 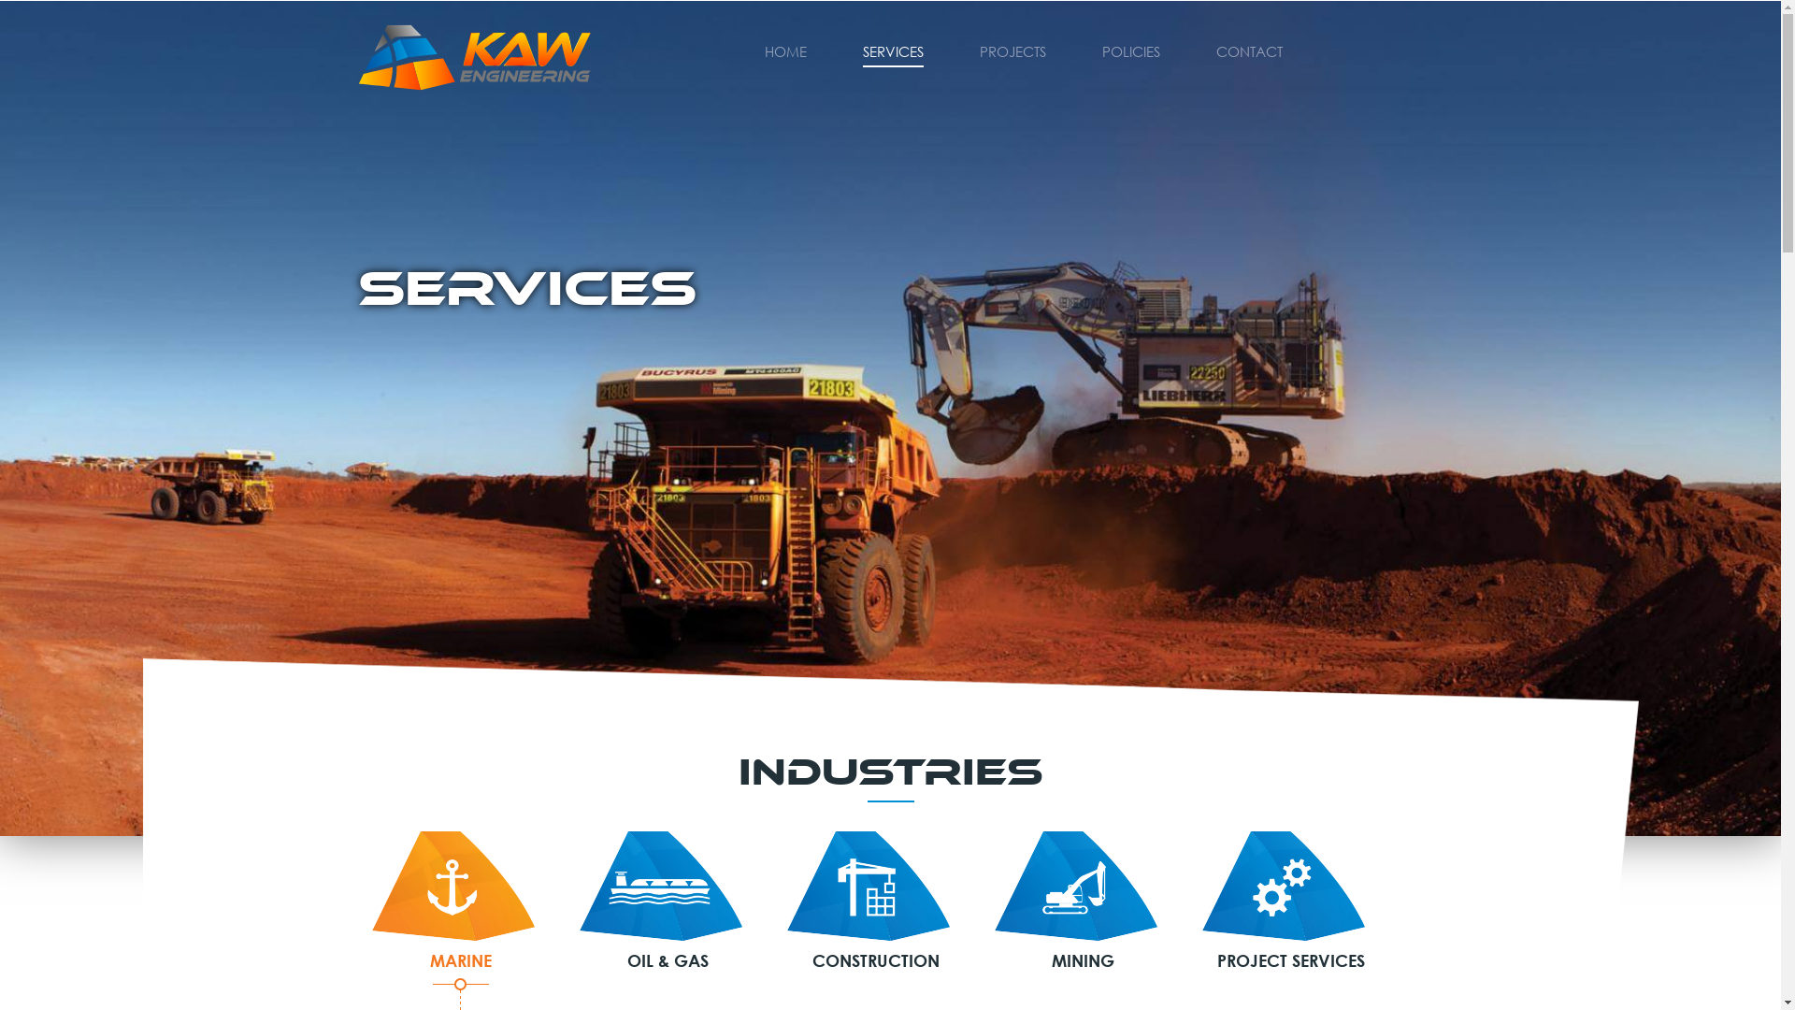 I want to click on 'POLICIES', so click(x=1129, y=49).